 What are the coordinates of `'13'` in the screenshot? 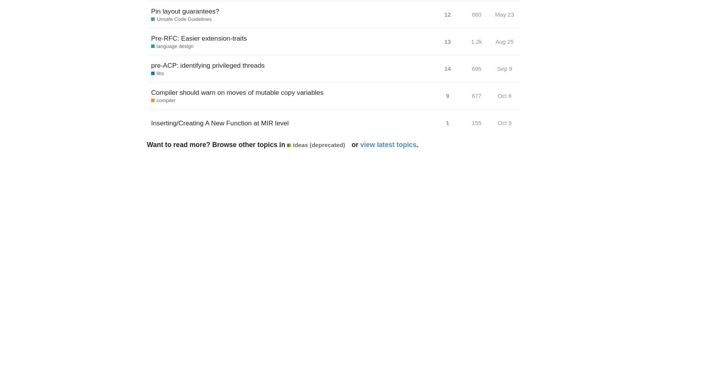 It's located at (447, 41).